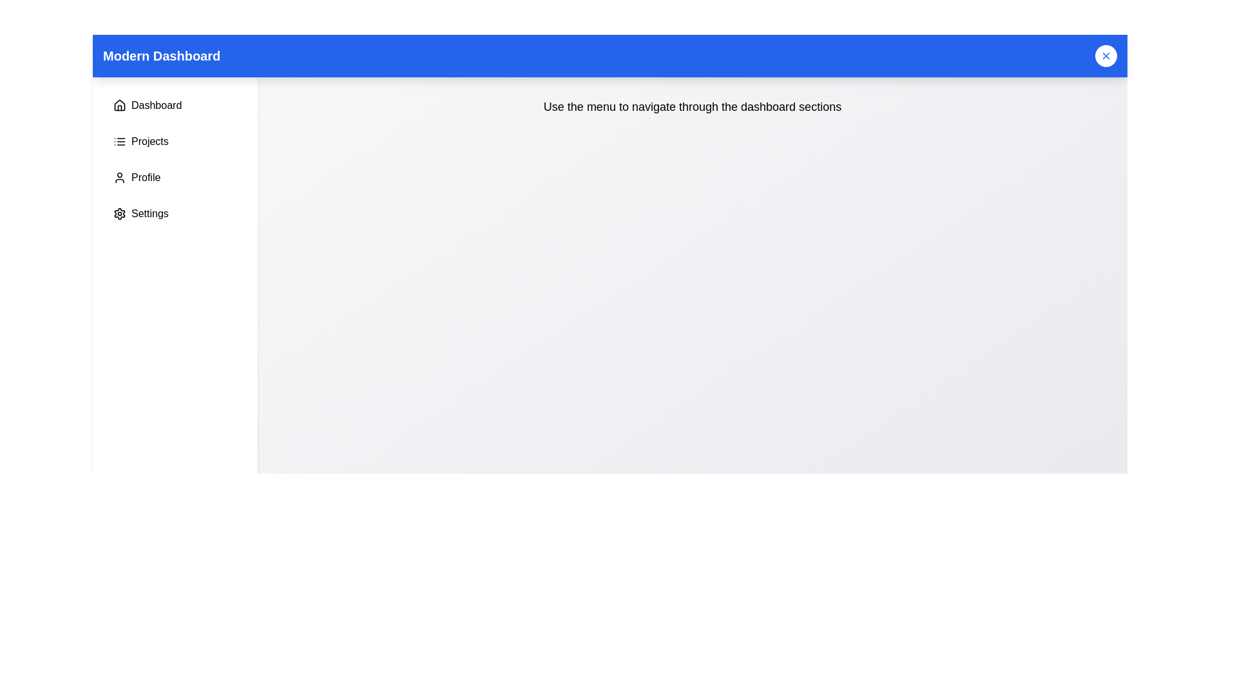 The image size is (1237, 696). I want to click on the 'Dashboard' icon located in the left navigation menu, which is the first icon next to the text 'Dashboard', so click(120, 105).